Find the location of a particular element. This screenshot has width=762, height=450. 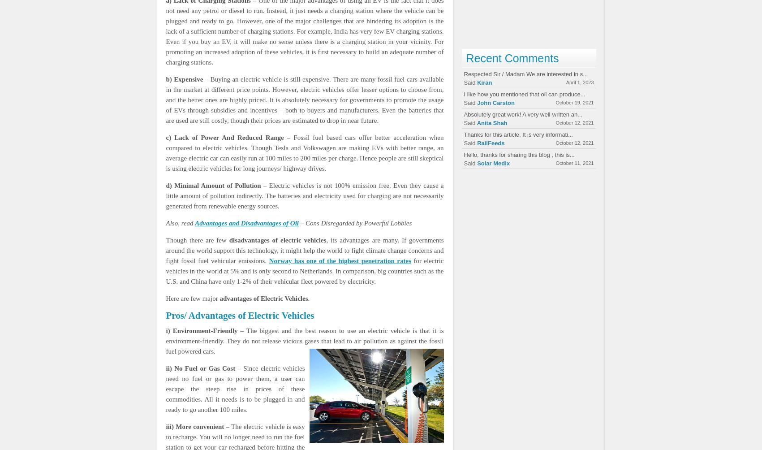

'iii) More convenient' is located at coordinates (194, 425).